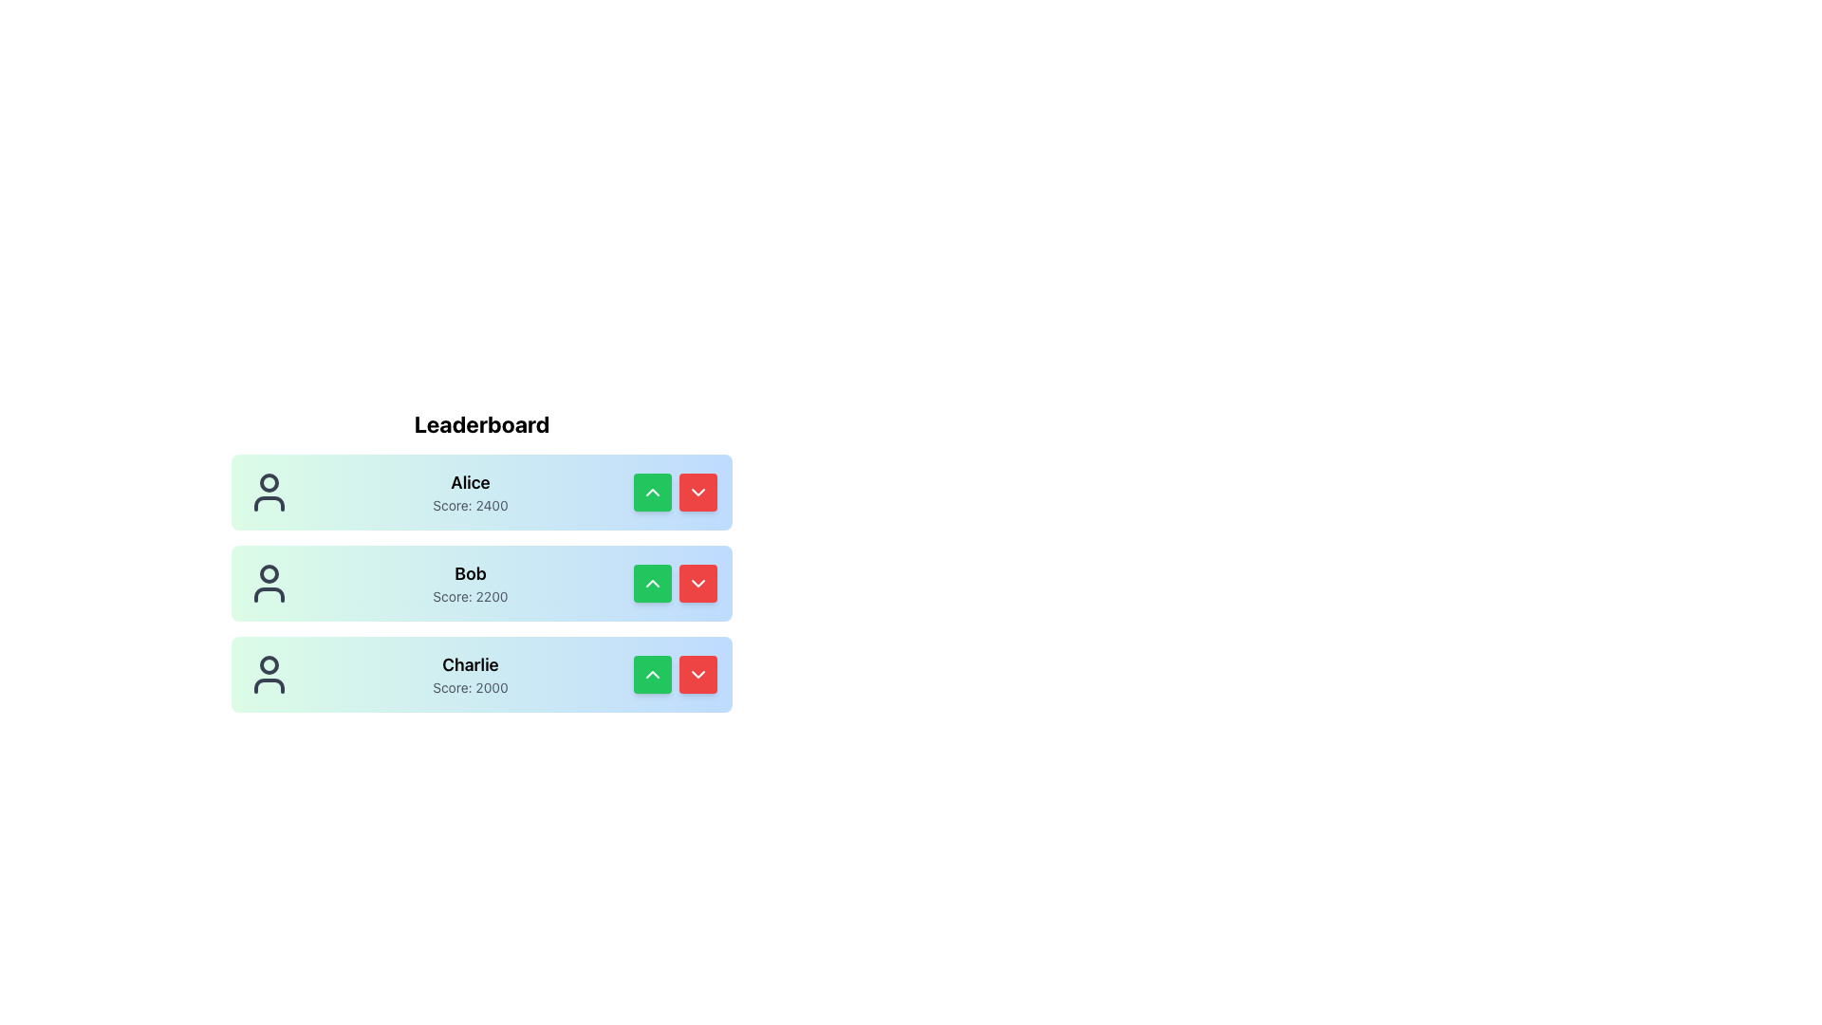  What do you see at coordinates (697, 582) in the screenshot?
I see `the small, square, bright red button with a downward-facing chevron icon` at bounding box center [697, 582].